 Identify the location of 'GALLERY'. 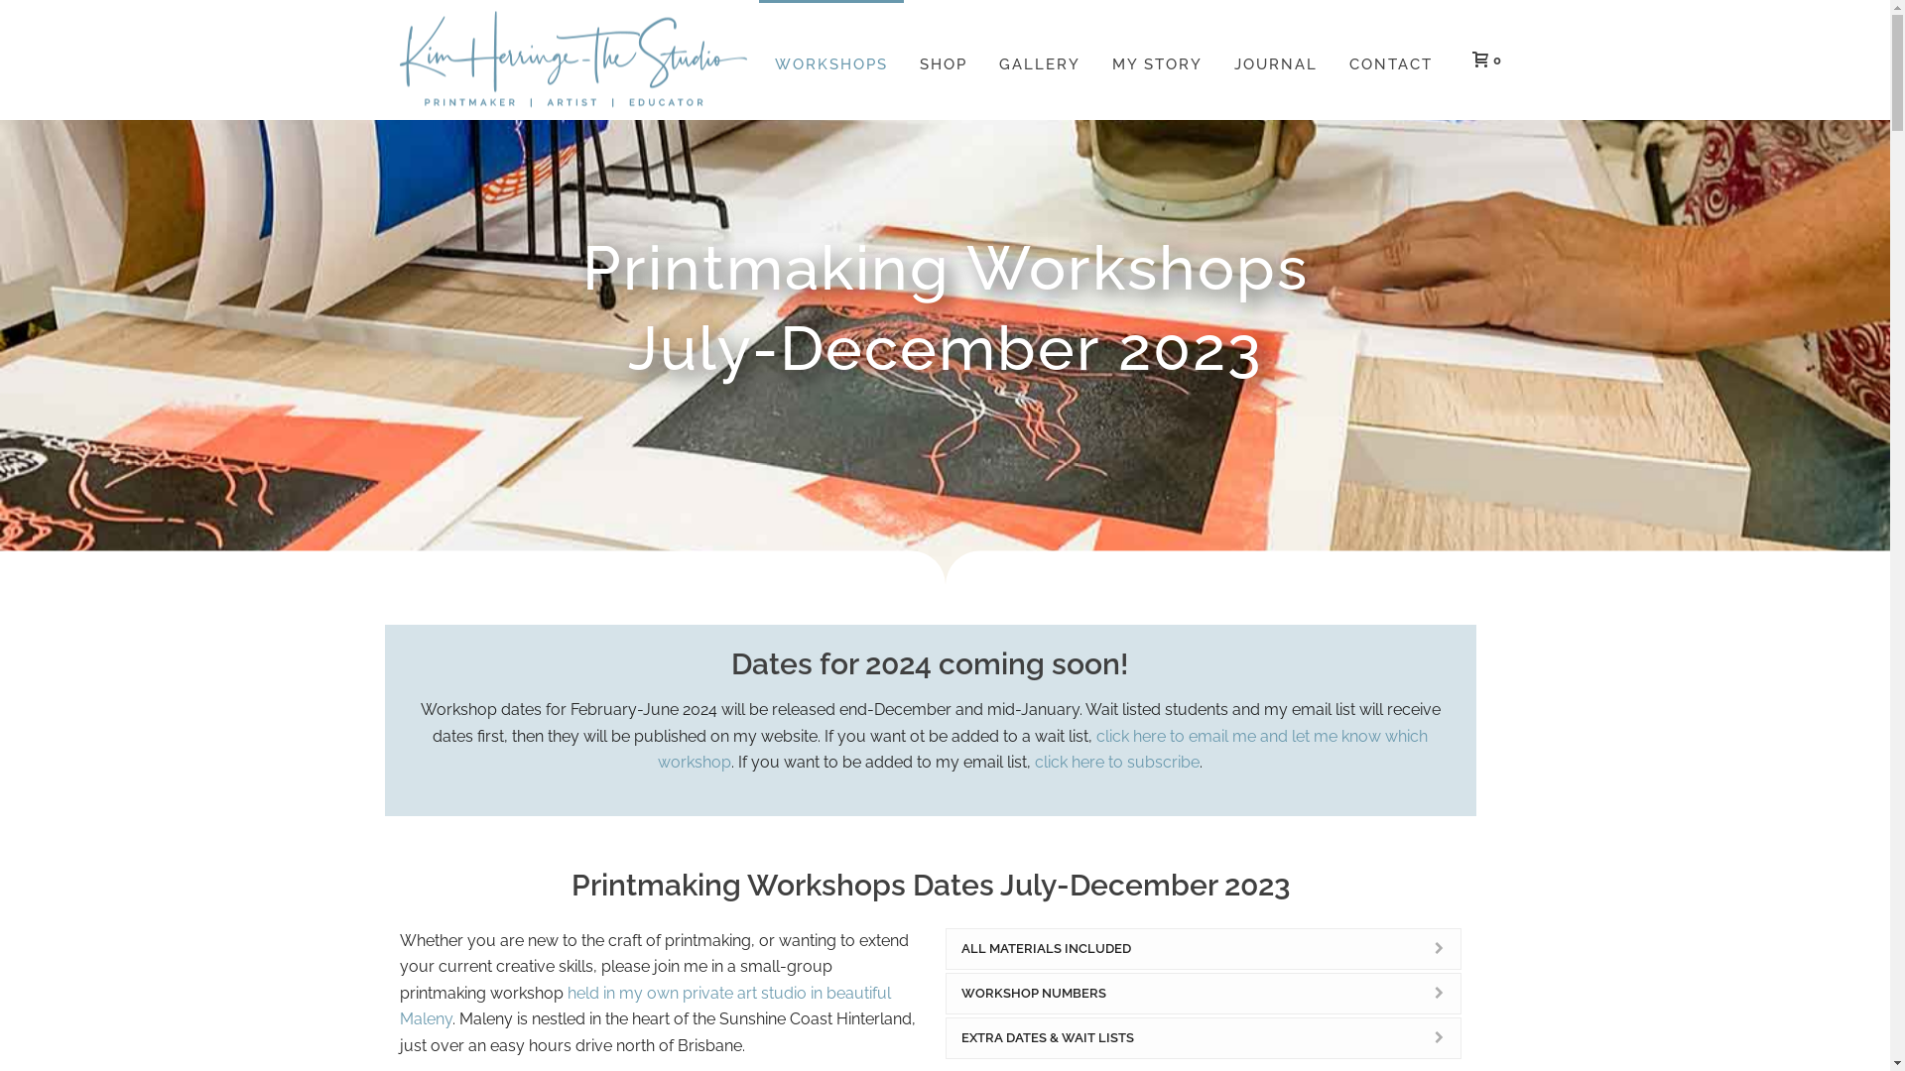
(1037, 59).